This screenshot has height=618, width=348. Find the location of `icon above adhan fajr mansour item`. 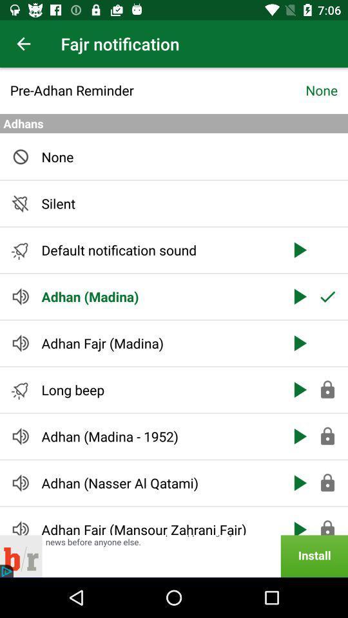

icon above adhan fajr mansour item is located at coordinates (158, 482).